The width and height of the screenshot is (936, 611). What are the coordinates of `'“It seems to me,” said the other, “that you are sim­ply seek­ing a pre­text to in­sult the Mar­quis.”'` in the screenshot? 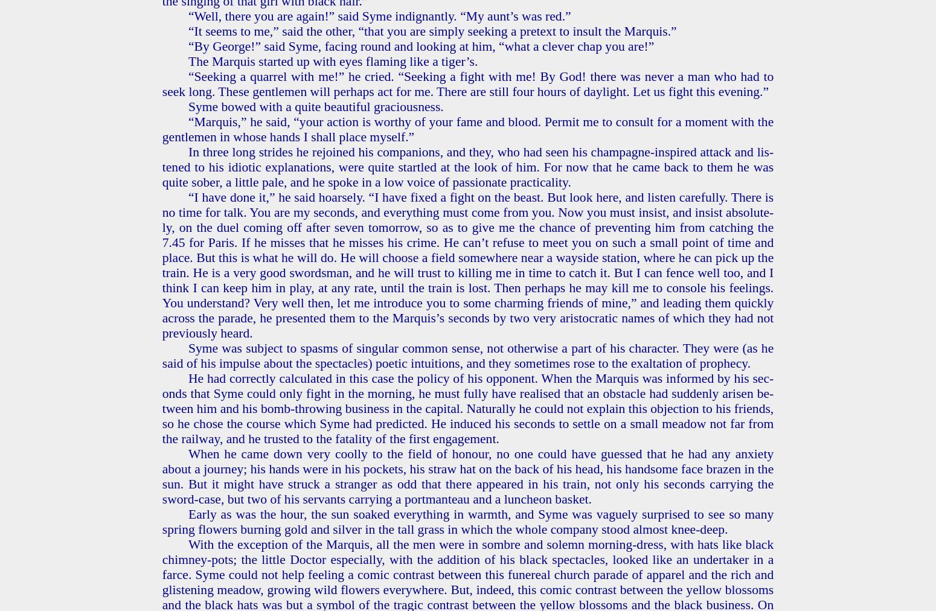 It's located at (432, 30).